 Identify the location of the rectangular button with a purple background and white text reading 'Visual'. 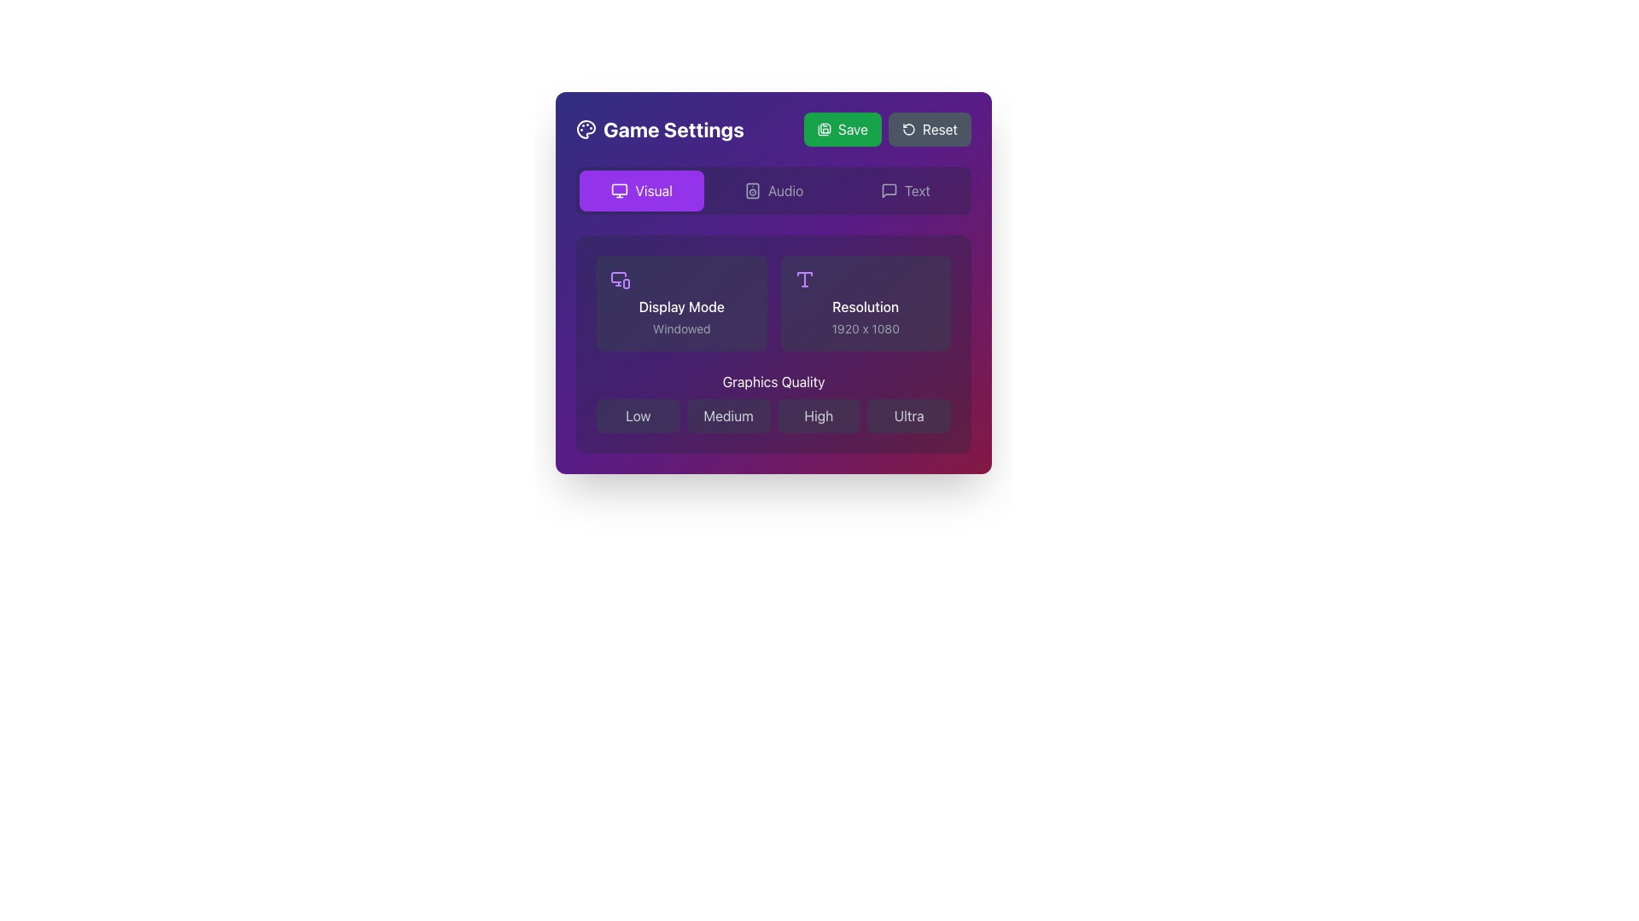
(641, 190).